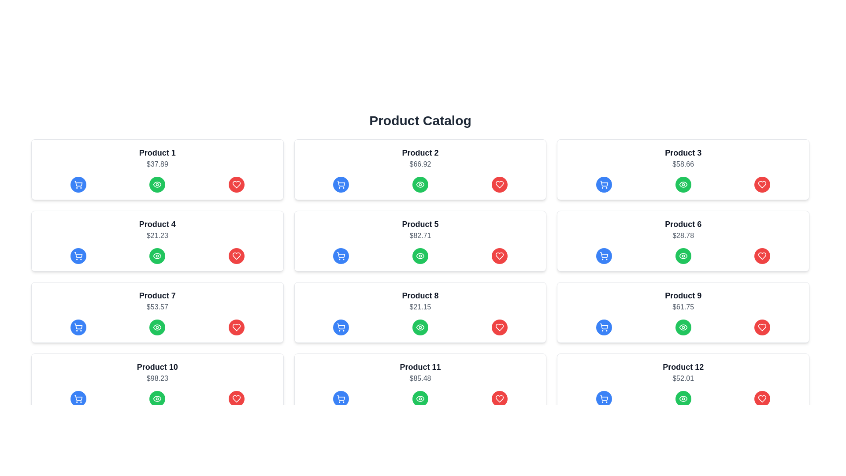 This screenshot has height=476, width=846. Describe the element at coordinates (236, 399) in the screenshot. I see `the 'favorite' button for 'Product 10', located in the third row of buttons beneath the 'Product Catalog'` at that location.